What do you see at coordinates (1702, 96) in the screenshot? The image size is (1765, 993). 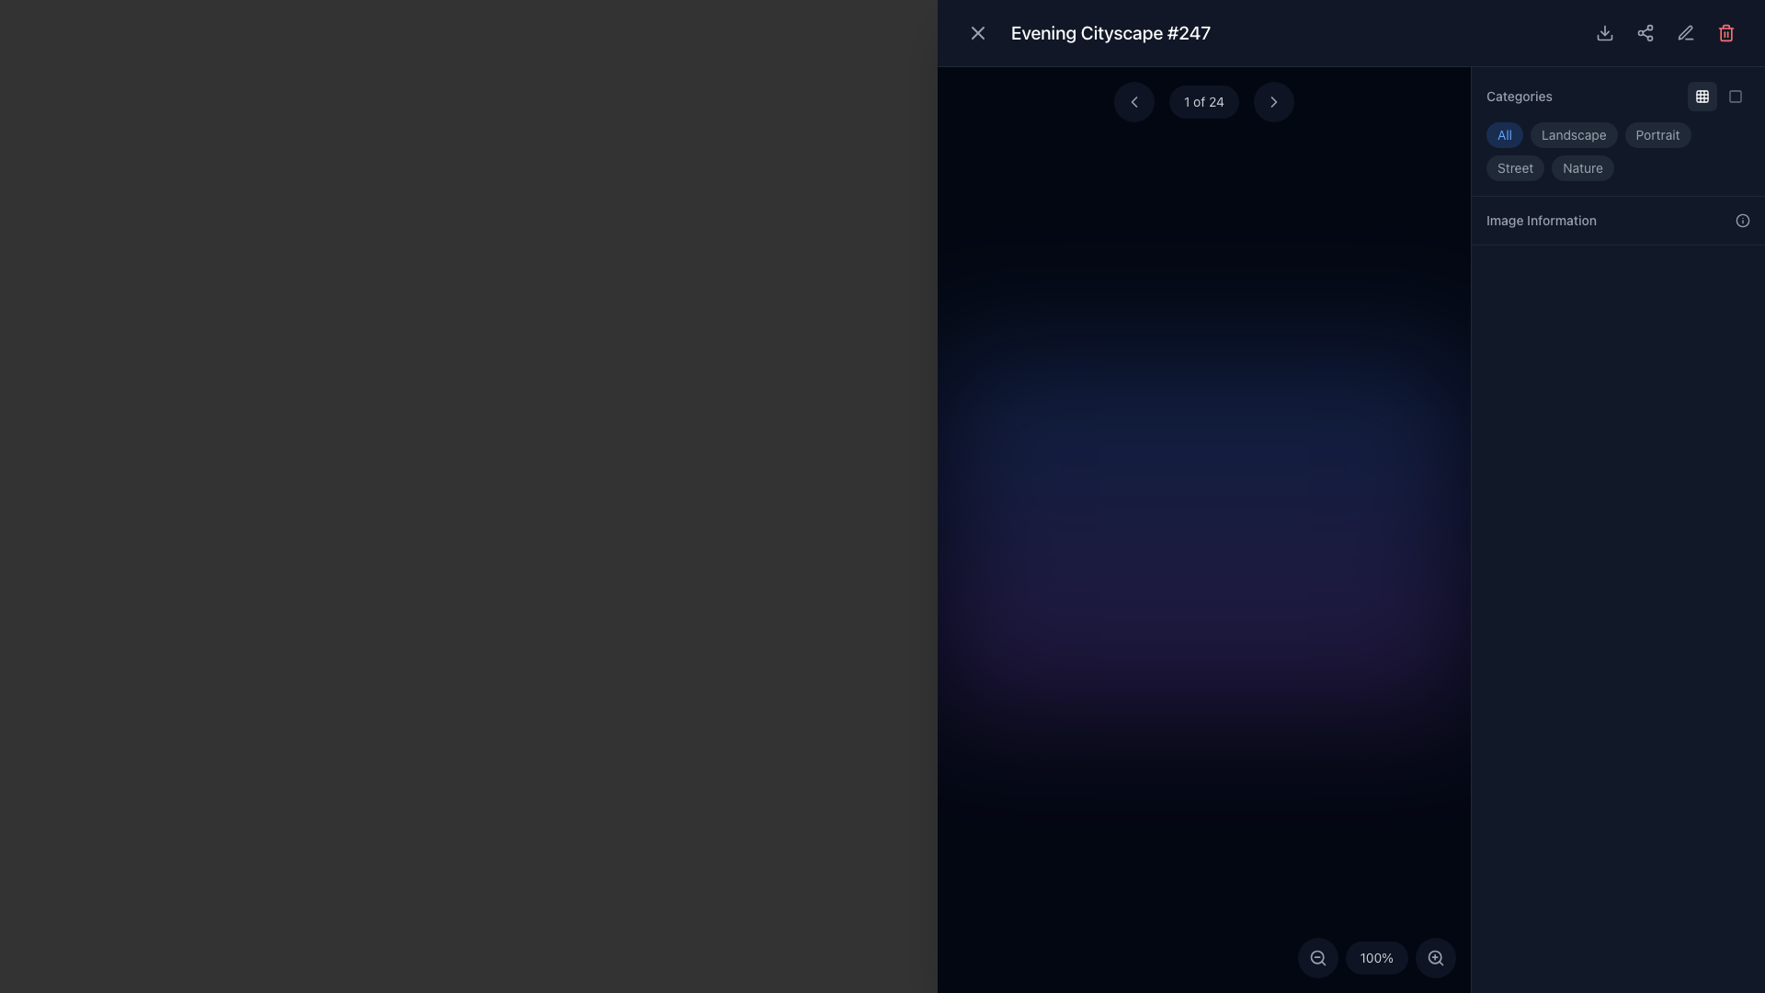 I see `the central rectangle within the grid arrangement, which serves as a decorative or organizational subcomponent of a grid icon indicating graph or layout settings` at bounding box center [1702, 96].